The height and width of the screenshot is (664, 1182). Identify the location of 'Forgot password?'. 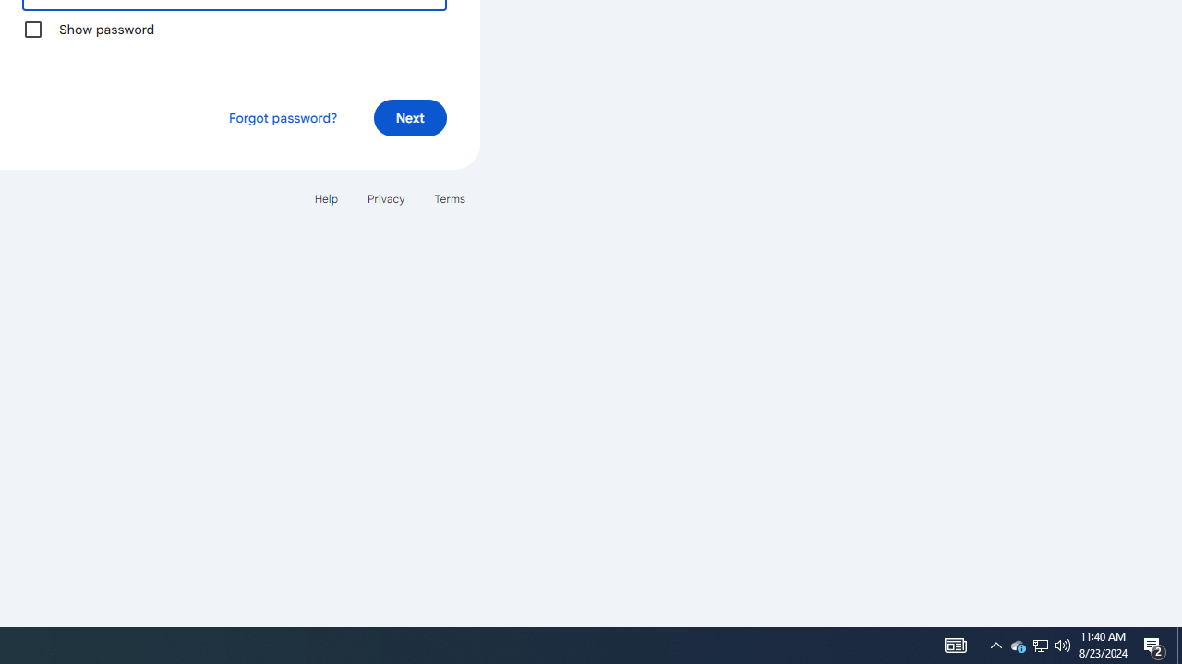
(281, 117).